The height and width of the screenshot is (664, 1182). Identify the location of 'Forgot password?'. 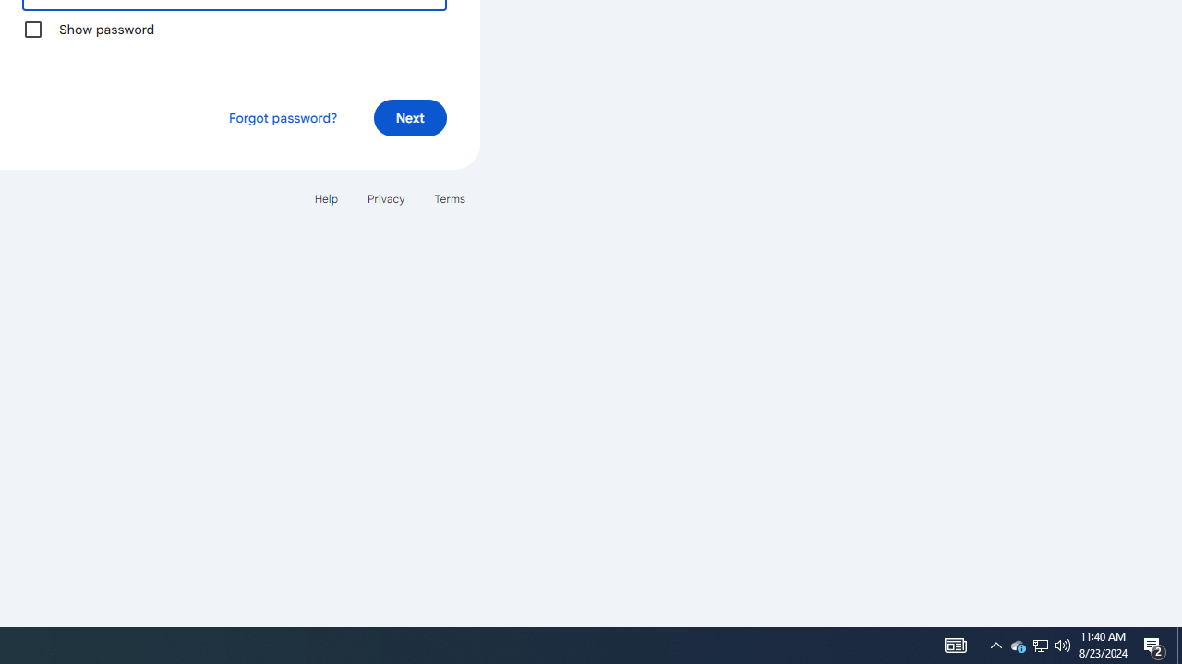
(281, 117).